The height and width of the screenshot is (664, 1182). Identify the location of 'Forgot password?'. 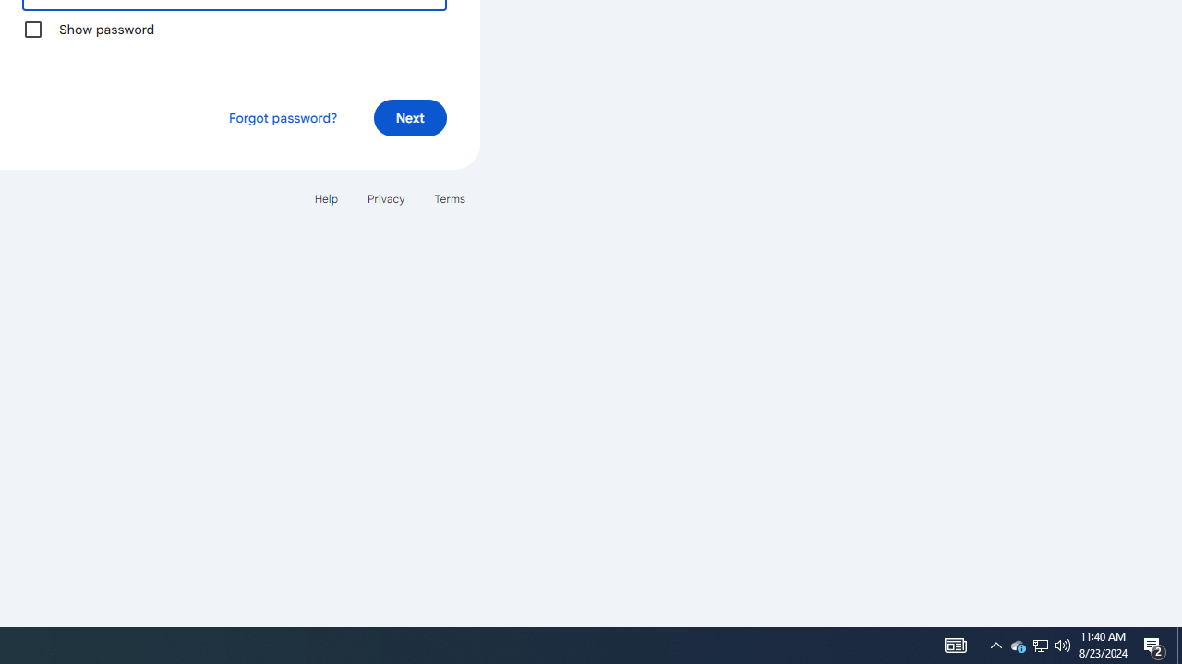
(281, 117).